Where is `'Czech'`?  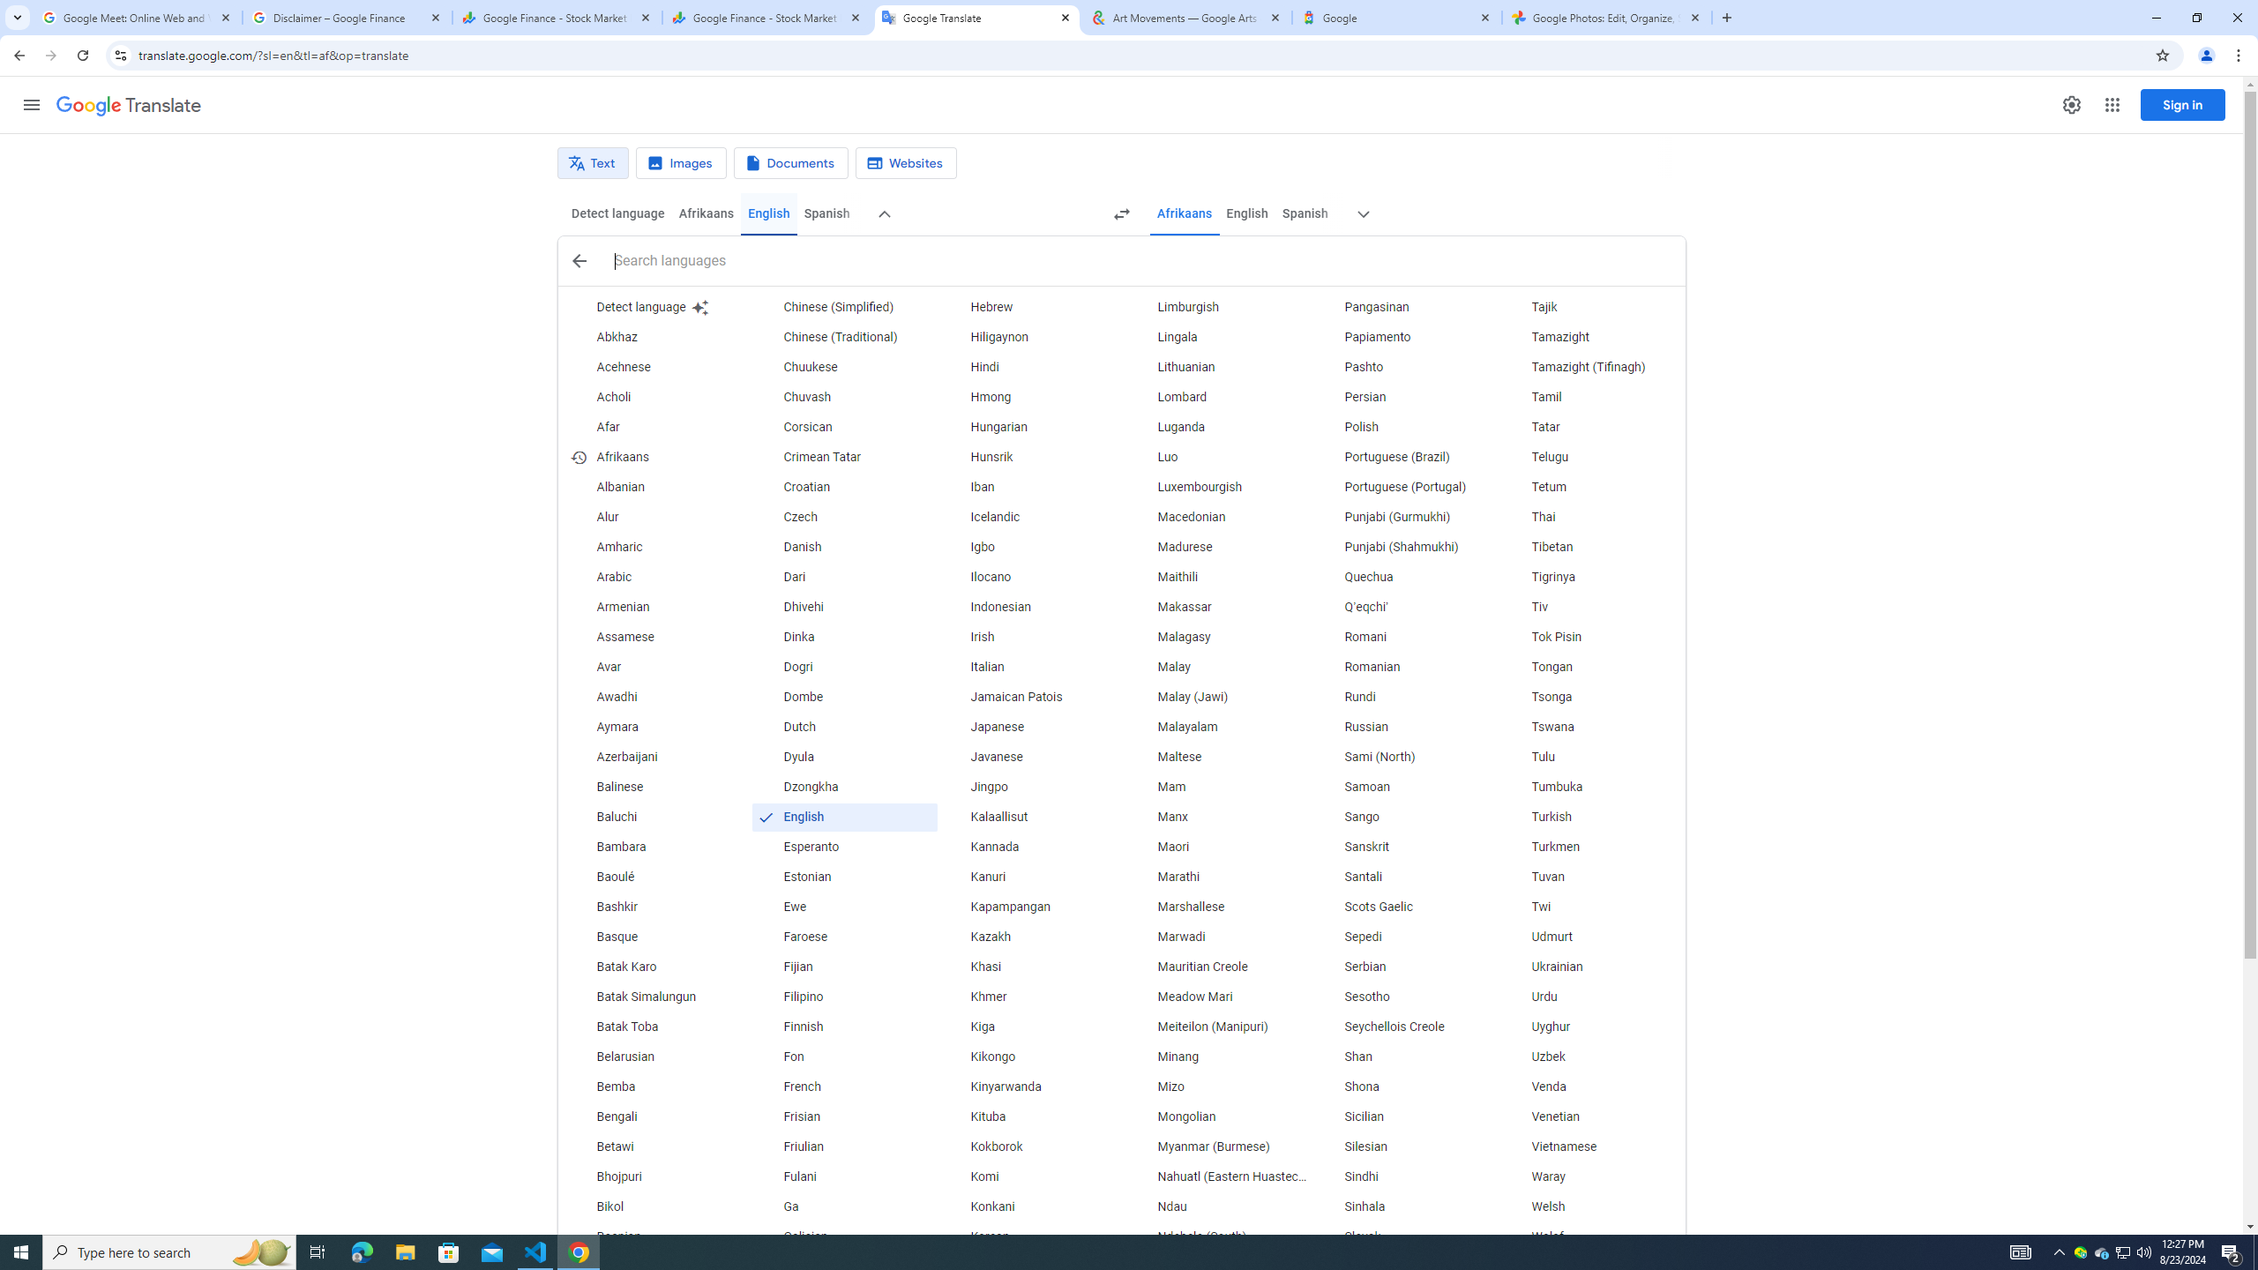 'Czech' is located at coordinates (844, 517).